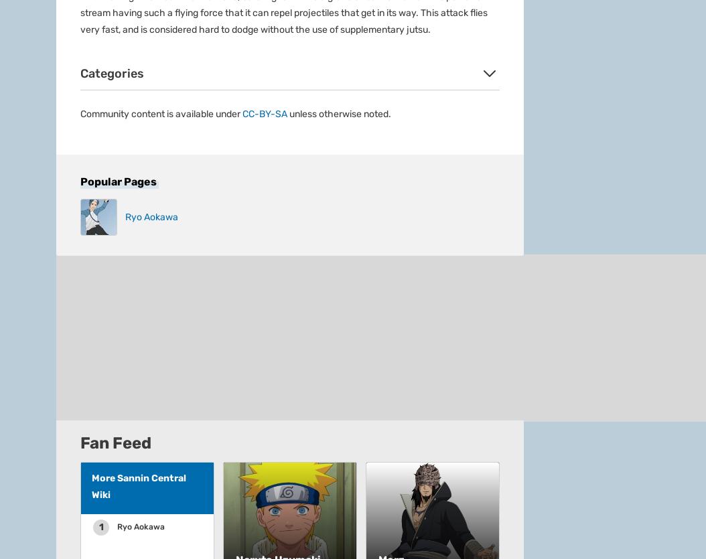 The width and height of the screenshot is (706, 559). Describe the element at coordinates (86, 202) in the screenshot. I see `'Fandom Apps'` at that location.